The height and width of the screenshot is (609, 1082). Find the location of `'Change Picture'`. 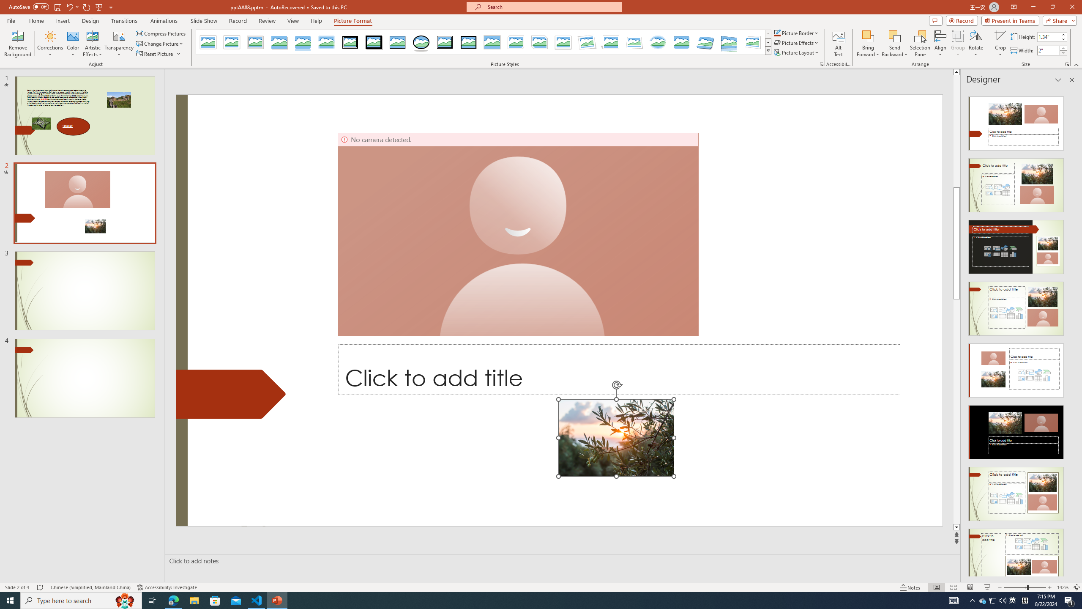

'Change Picture' is located at coordinates (160, 44).